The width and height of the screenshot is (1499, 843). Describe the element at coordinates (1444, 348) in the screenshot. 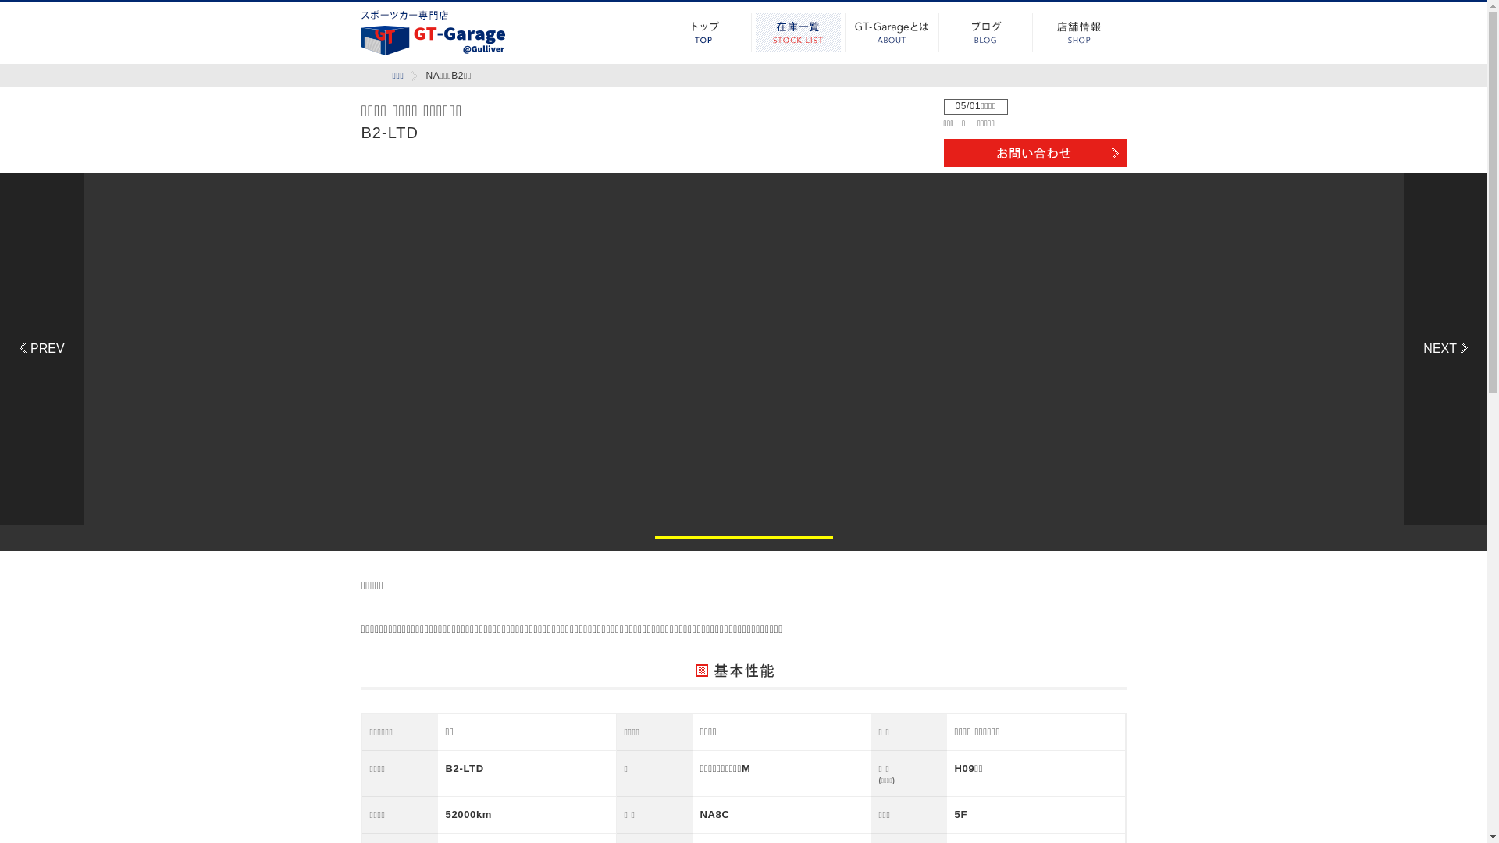

I see `'Next'` at that location.